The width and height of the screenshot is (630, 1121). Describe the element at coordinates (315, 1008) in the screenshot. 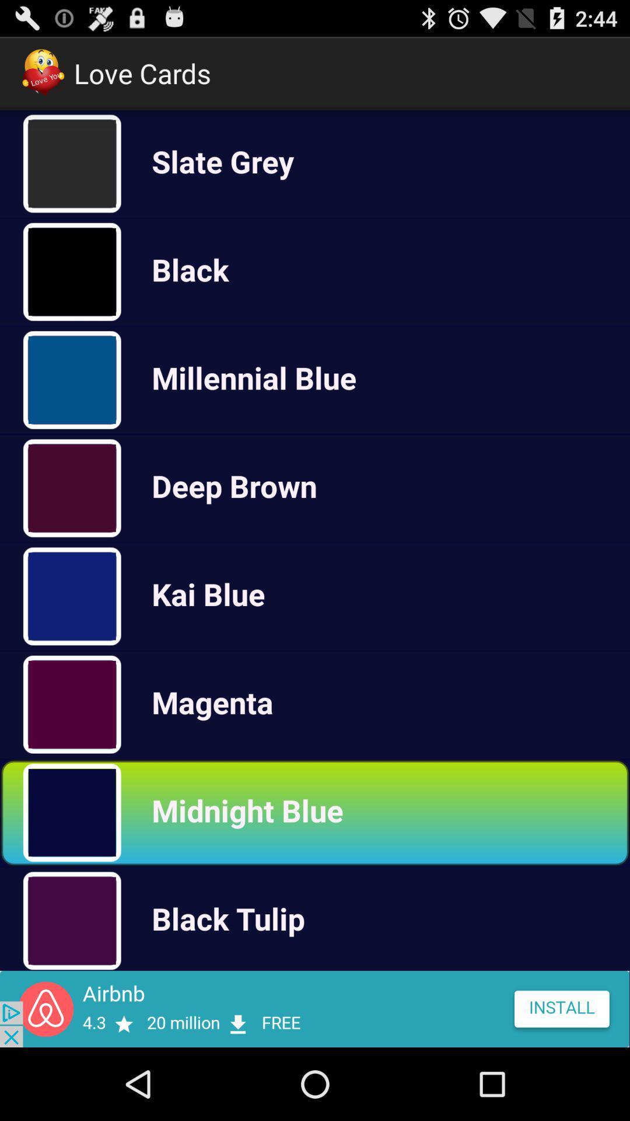

I see `advertising bar` at that location.